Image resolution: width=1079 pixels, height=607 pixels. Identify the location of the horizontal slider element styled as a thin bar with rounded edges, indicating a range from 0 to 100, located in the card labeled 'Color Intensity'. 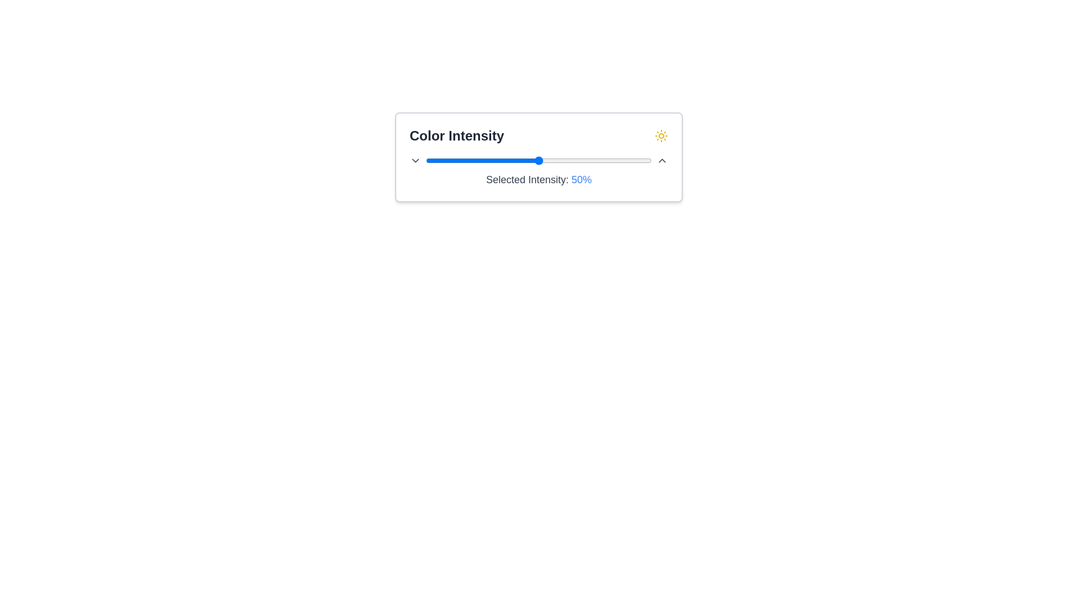
(538, 160).